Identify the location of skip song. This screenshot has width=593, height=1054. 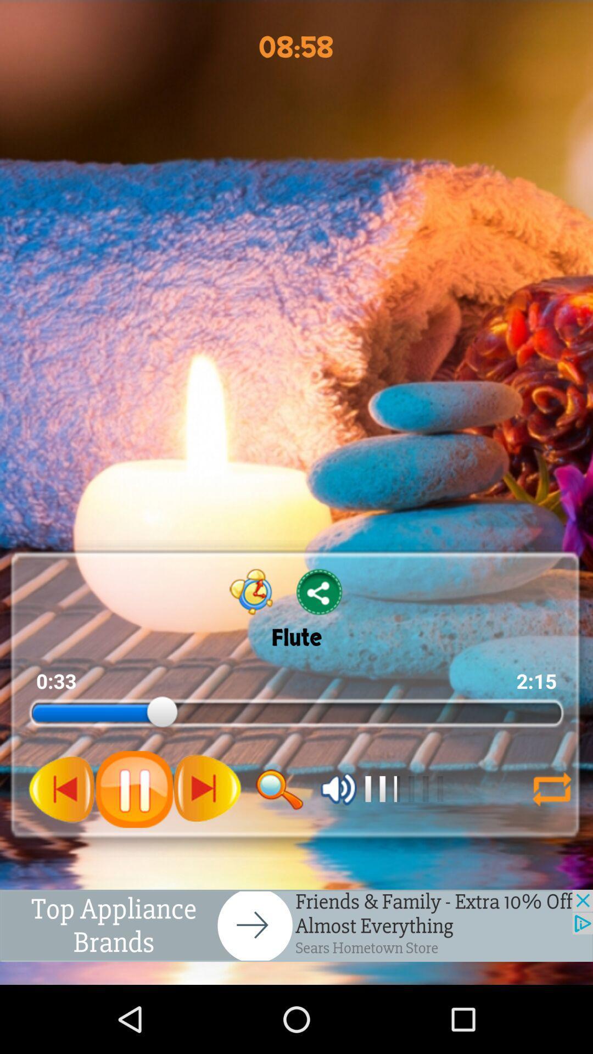
(207, 788).